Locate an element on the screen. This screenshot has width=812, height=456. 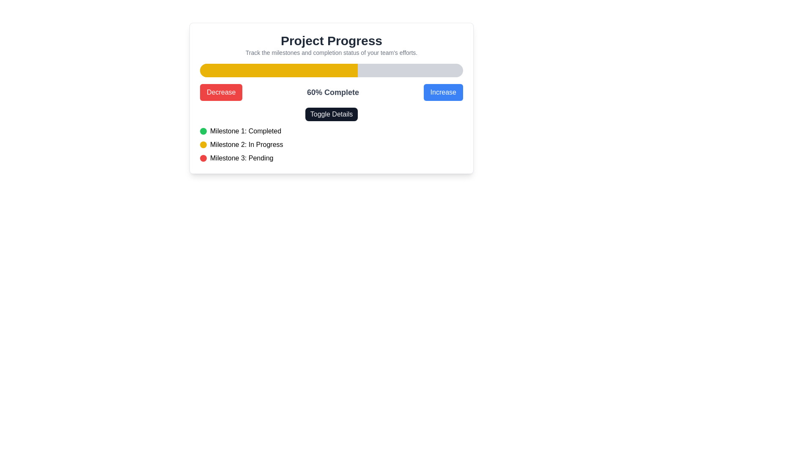
the small circular green indicator that is positioned next to the text 'Milestone 1: Completed' is located at coordinates (203, 131).